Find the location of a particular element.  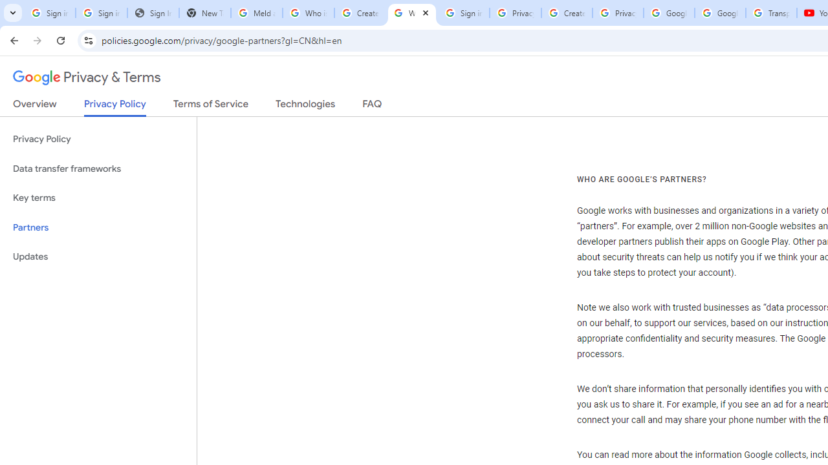

'Google Account' is located at coordinates (719, 13).